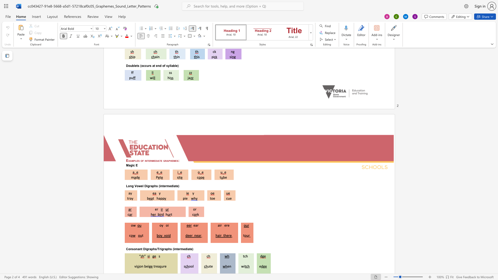 This screenshot has width=498, height=280. Describe the element at coordinates (221, 225) in the screenshot. I see `the 1th character "r" in the text` at that location.